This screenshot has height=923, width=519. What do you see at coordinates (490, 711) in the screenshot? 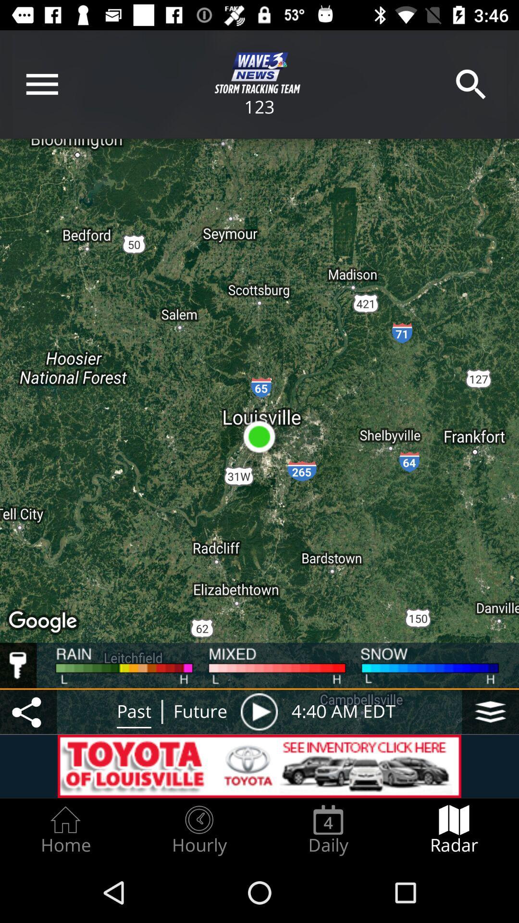
I see `the layers icon` at bounding box center [490, 711].